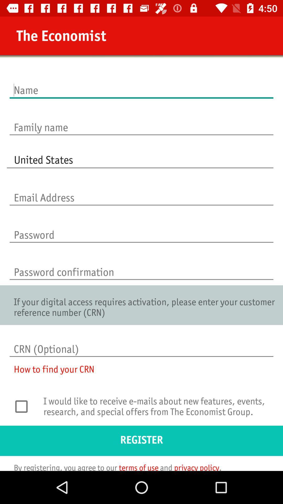 The image size is (283, 504). I want to click on optional customer reference number, so click(141, 344).